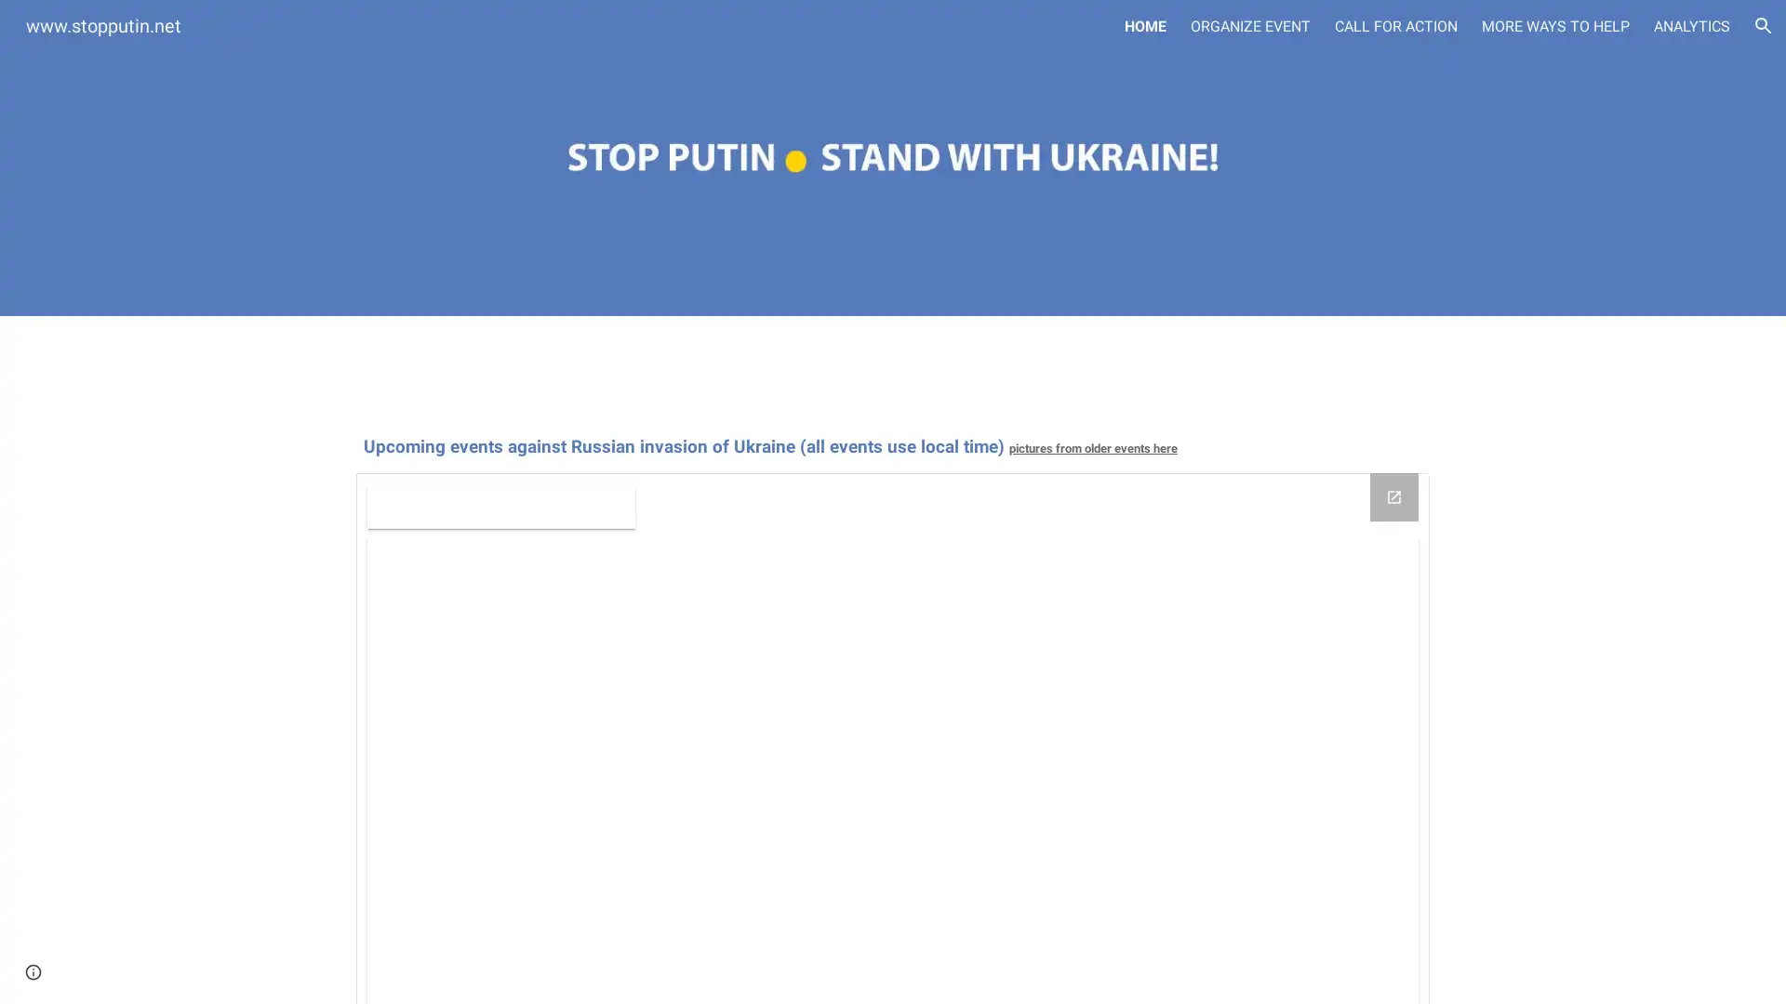 This screenshot has height=1004, width=1786. Describe the element at coordinates (1060, 34) in the screenshot. I see `Skip to navigation` at that location.